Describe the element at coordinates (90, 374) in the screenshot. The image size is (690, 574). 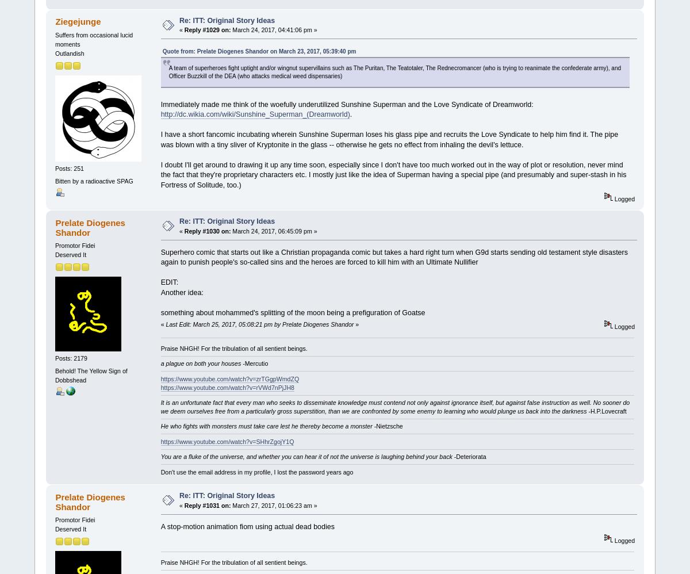
I see `'Behold! The Yellow Sign of Dobbshead'` at that location.